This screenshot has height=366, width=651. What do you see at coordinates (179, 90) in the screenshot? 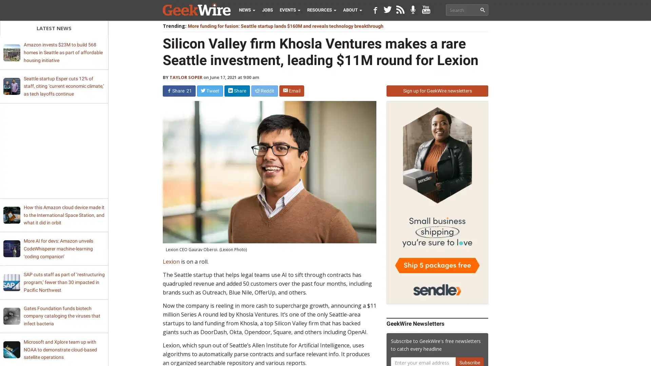
I see `Share  21` at bounding box center [179, 90].